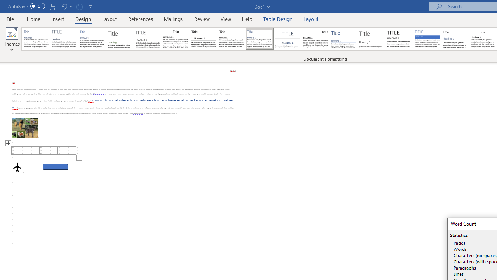  I want to click on 'System', so click(4, 4).